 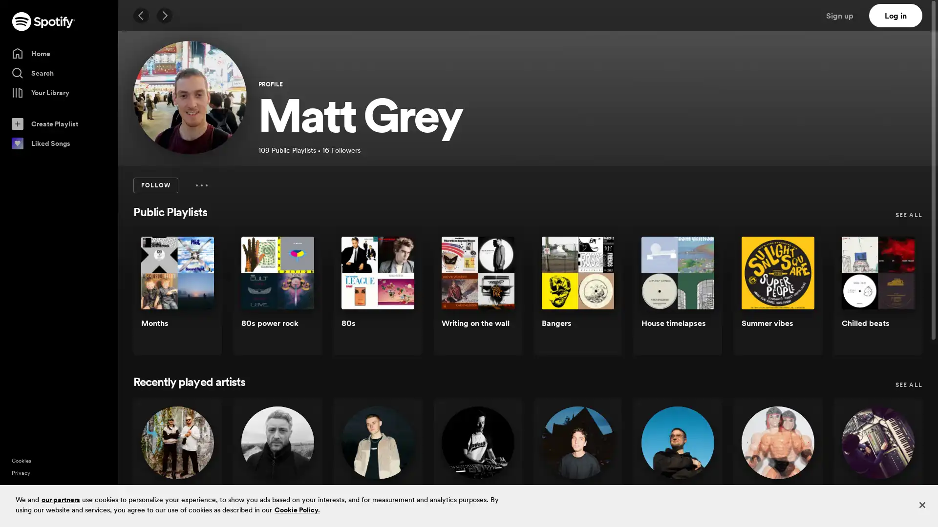 I want to click on FOLLOW, so click(x=155, y=185).